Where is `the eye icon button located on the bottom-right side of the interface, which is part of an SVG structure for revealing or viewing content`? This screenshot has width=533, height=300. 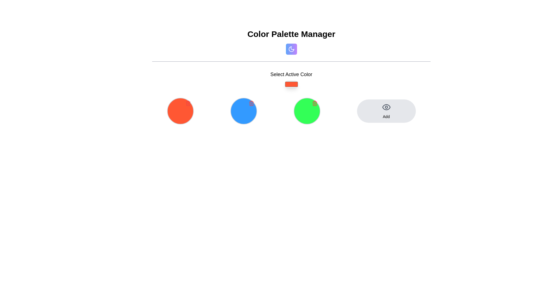
the eye icon button located on the bottom-right side of the interface, which is part of an SVG structure for revealing or viewing content is located at coordinates (386, 107).